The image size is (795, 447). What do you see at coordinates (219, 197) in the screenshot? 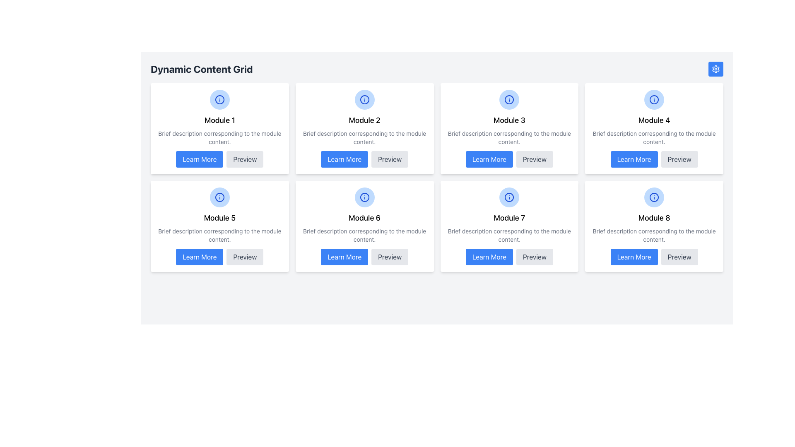
I see `the circular information icon with a blue outline and 'i' symbol located in the top-left segment of the 'Module 5' card` at bounding box center [219, 197].